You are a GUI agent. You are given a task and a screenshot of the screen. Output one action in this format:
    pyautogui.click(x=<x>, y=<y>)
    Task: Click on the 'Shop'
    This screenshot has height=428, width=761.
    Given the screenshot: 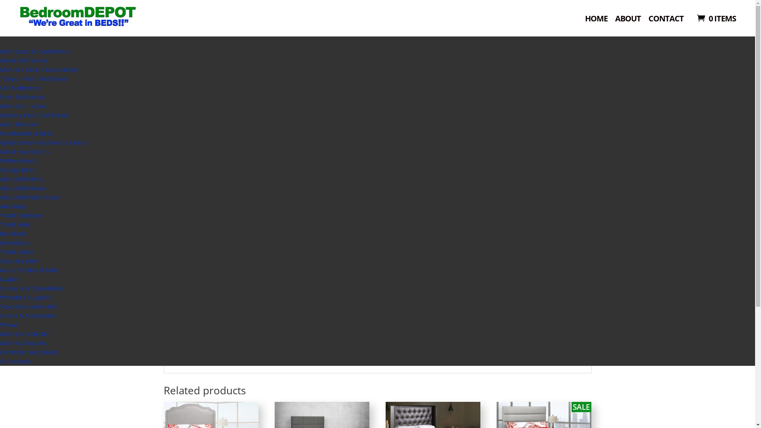 What is the action you would take?
    pyautogui.click(x=327, y=30)
    